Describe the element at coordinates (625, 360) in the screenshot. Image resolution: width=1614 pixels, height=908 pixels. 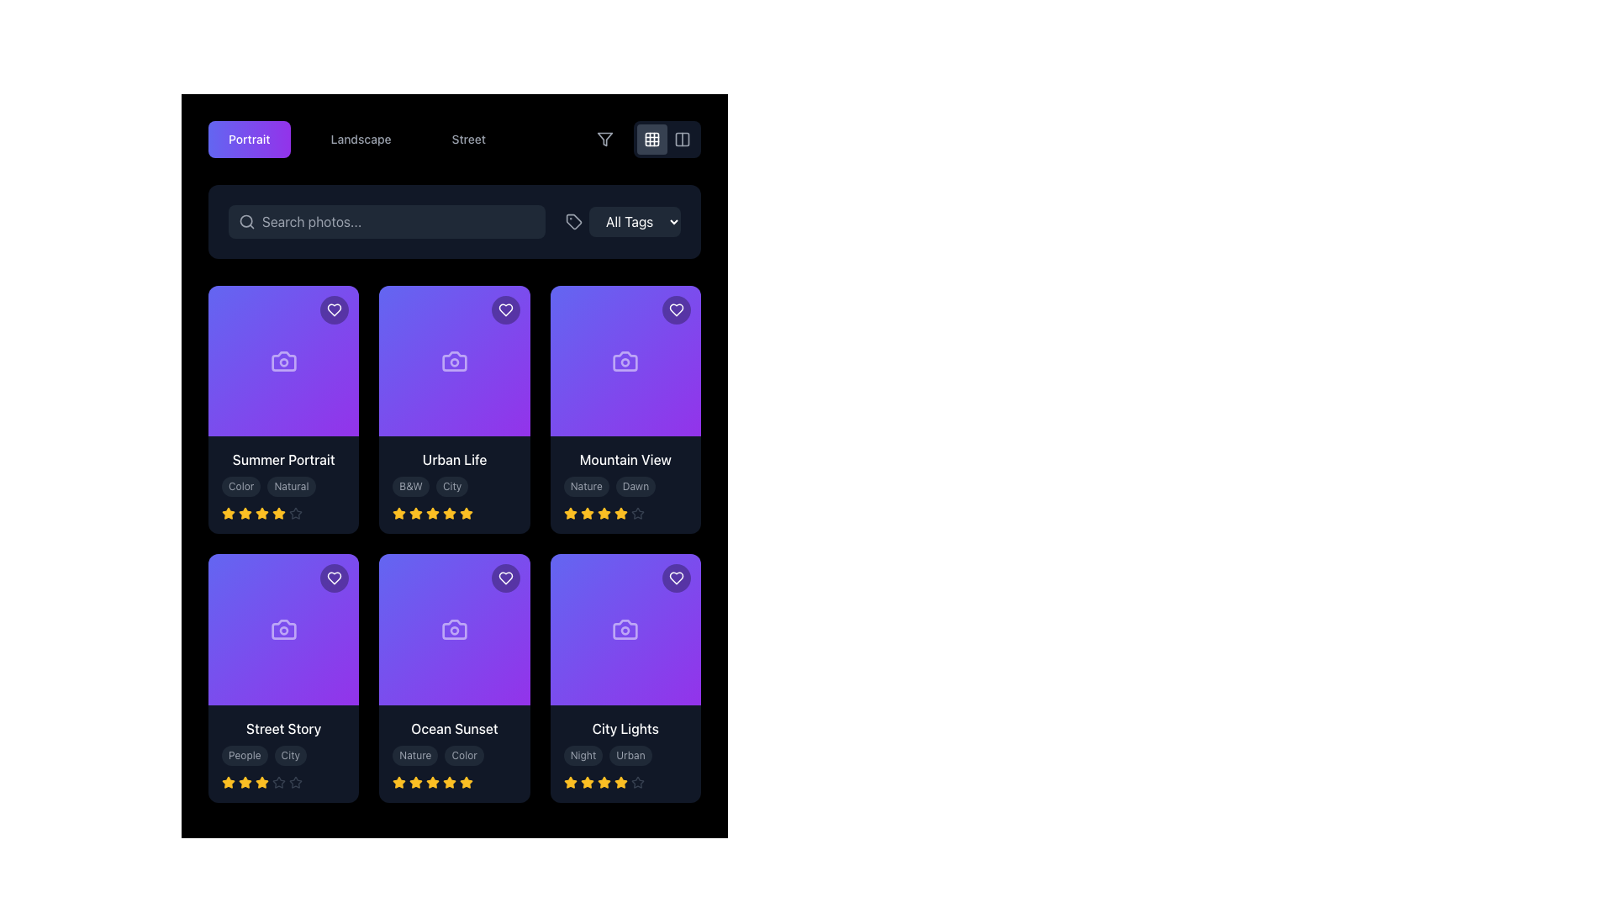
I see `the Graphic placeholder located in the top row of the grid layout, specifically the third item titled 'Mountain View'` at that location.